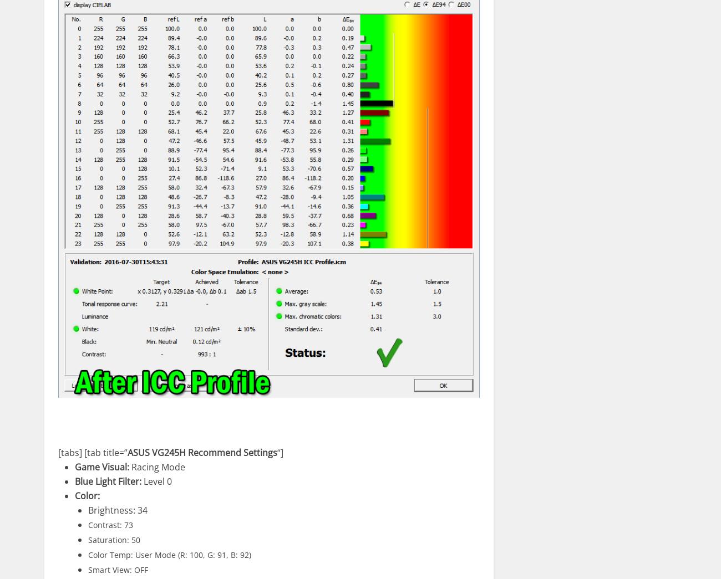 The height and width of the screenshot is (579, 721). What do you see at coordinates (93, 452) in the screenshot?
I see `'[tabs] [tab title=”'` at bounding box center [93, 452].